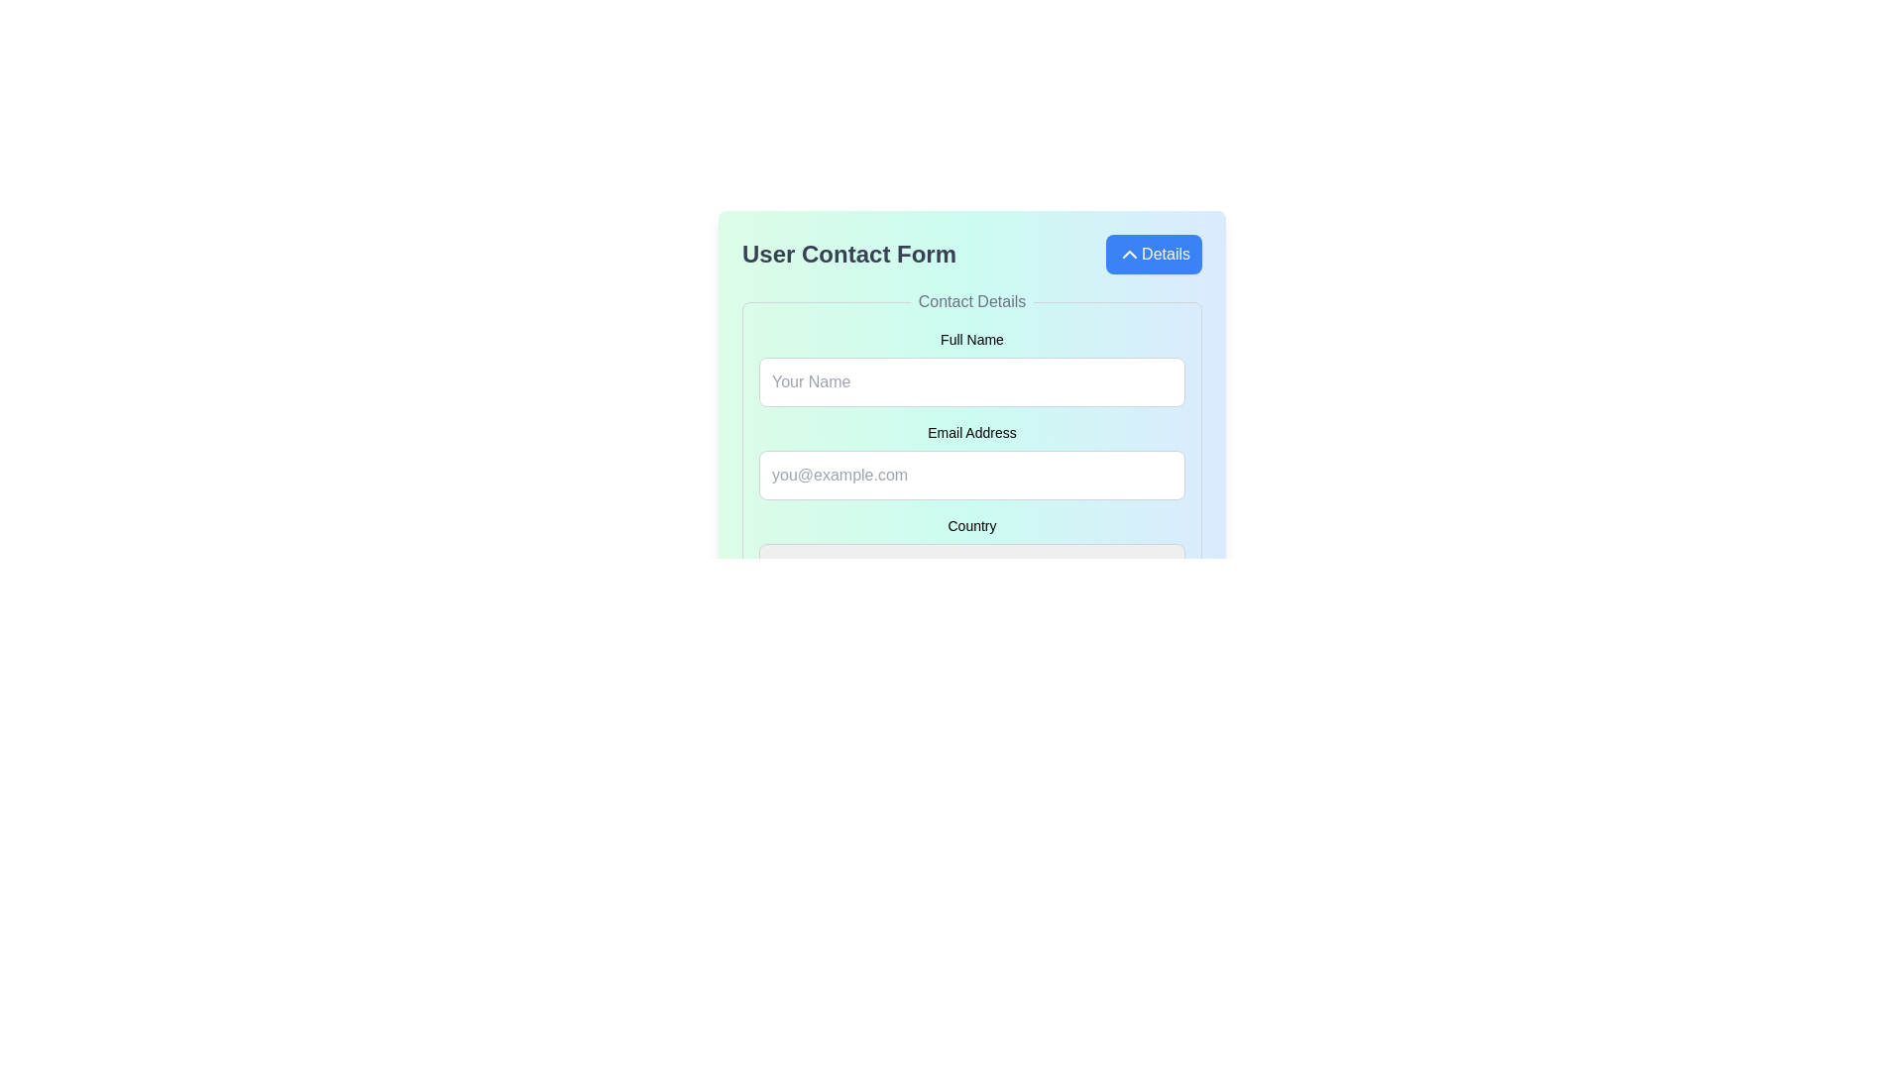 This screenshot has width=1903, height=1070. What do you see at coordinates (971, 525) in the screenshot?
I see `the label indicating the dropdown for selecting a country, which is positioned just above the dropdown menu` at bounding box center [971, 525].